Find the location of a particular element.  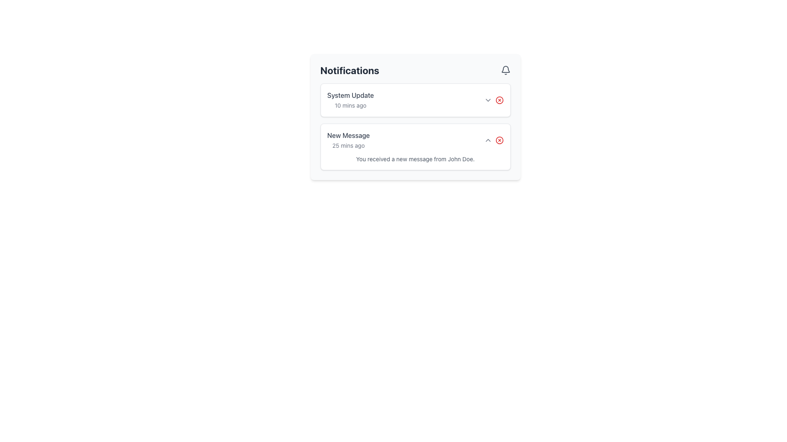

text content of the 'Notifications' text label displayed in a bold and large gray font located at the top-left section of the notification items box is located at coordinates (350, 70).